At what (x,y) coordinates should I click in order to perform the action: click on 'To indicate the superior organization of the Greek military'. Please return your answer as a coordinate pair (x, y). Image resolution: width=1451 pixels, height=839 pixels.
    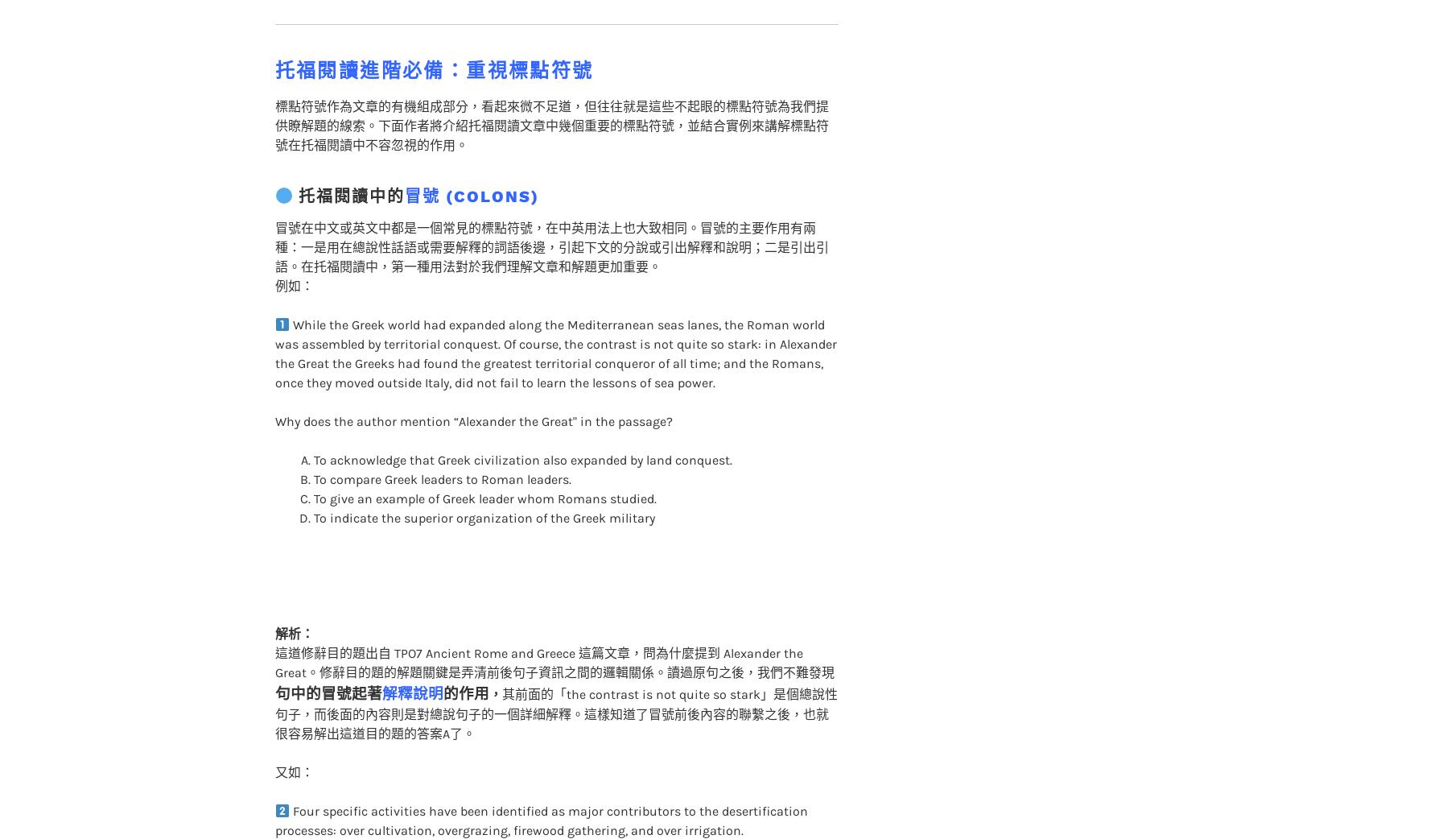
    Looking at the image, I should click on (483, 485).